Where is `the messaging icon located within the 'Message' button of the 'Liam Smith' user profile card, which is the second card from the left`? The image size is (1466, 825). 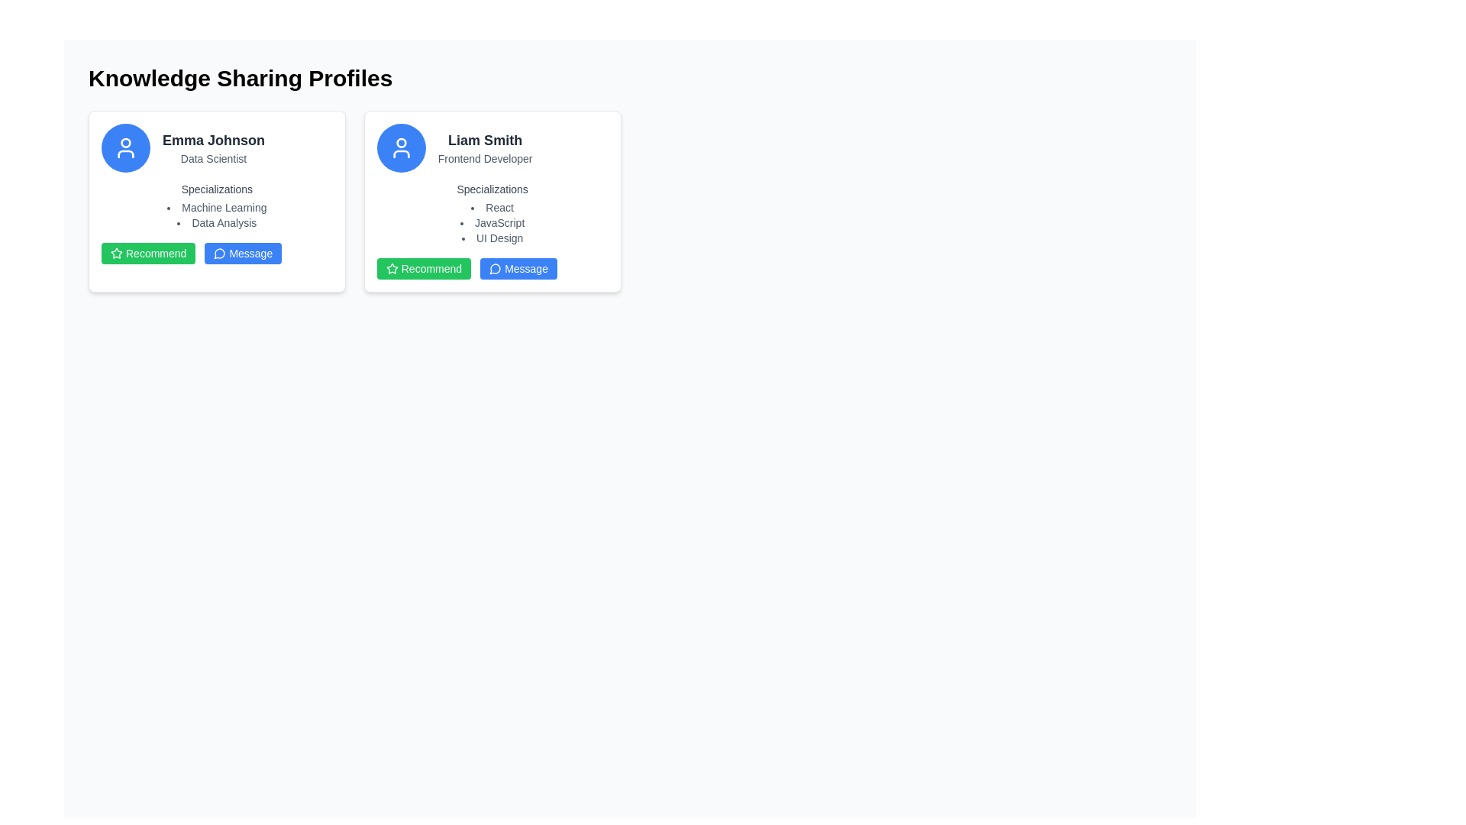 the messaging icon located within the 'Message' button of the 'Liam Smith' user profile card, which is the second card from the left is located at coordinates (496, 267).